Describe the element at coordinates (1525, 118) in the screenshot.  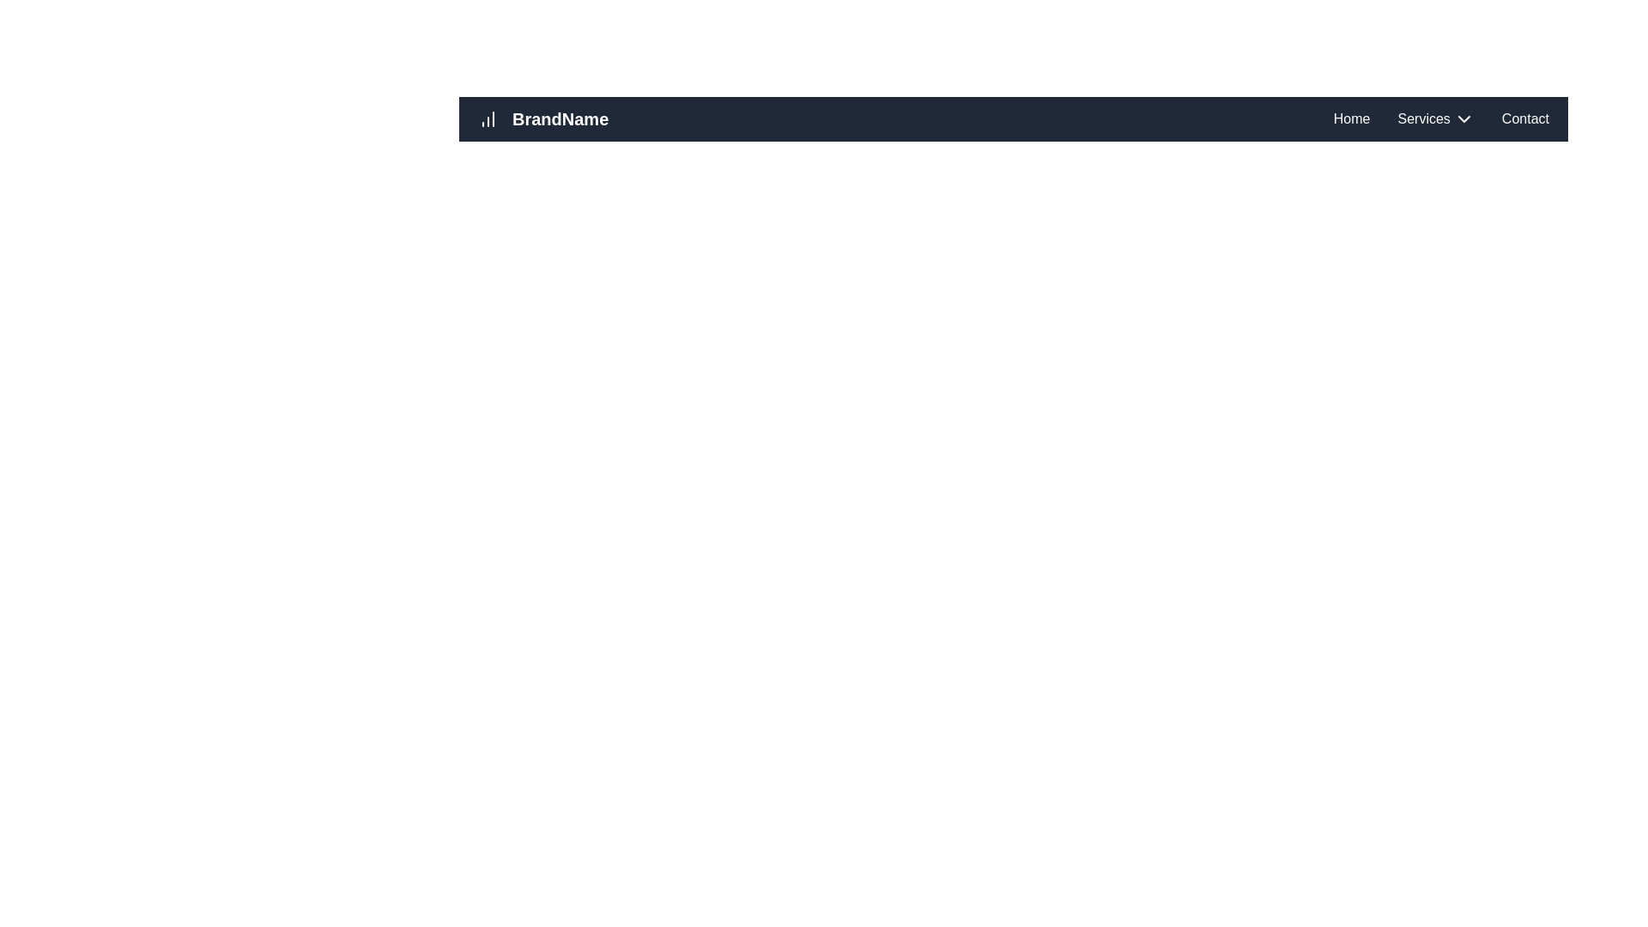
I see `the 'Contact' navigation link located on the far right side of the top navigation bar` at that location.